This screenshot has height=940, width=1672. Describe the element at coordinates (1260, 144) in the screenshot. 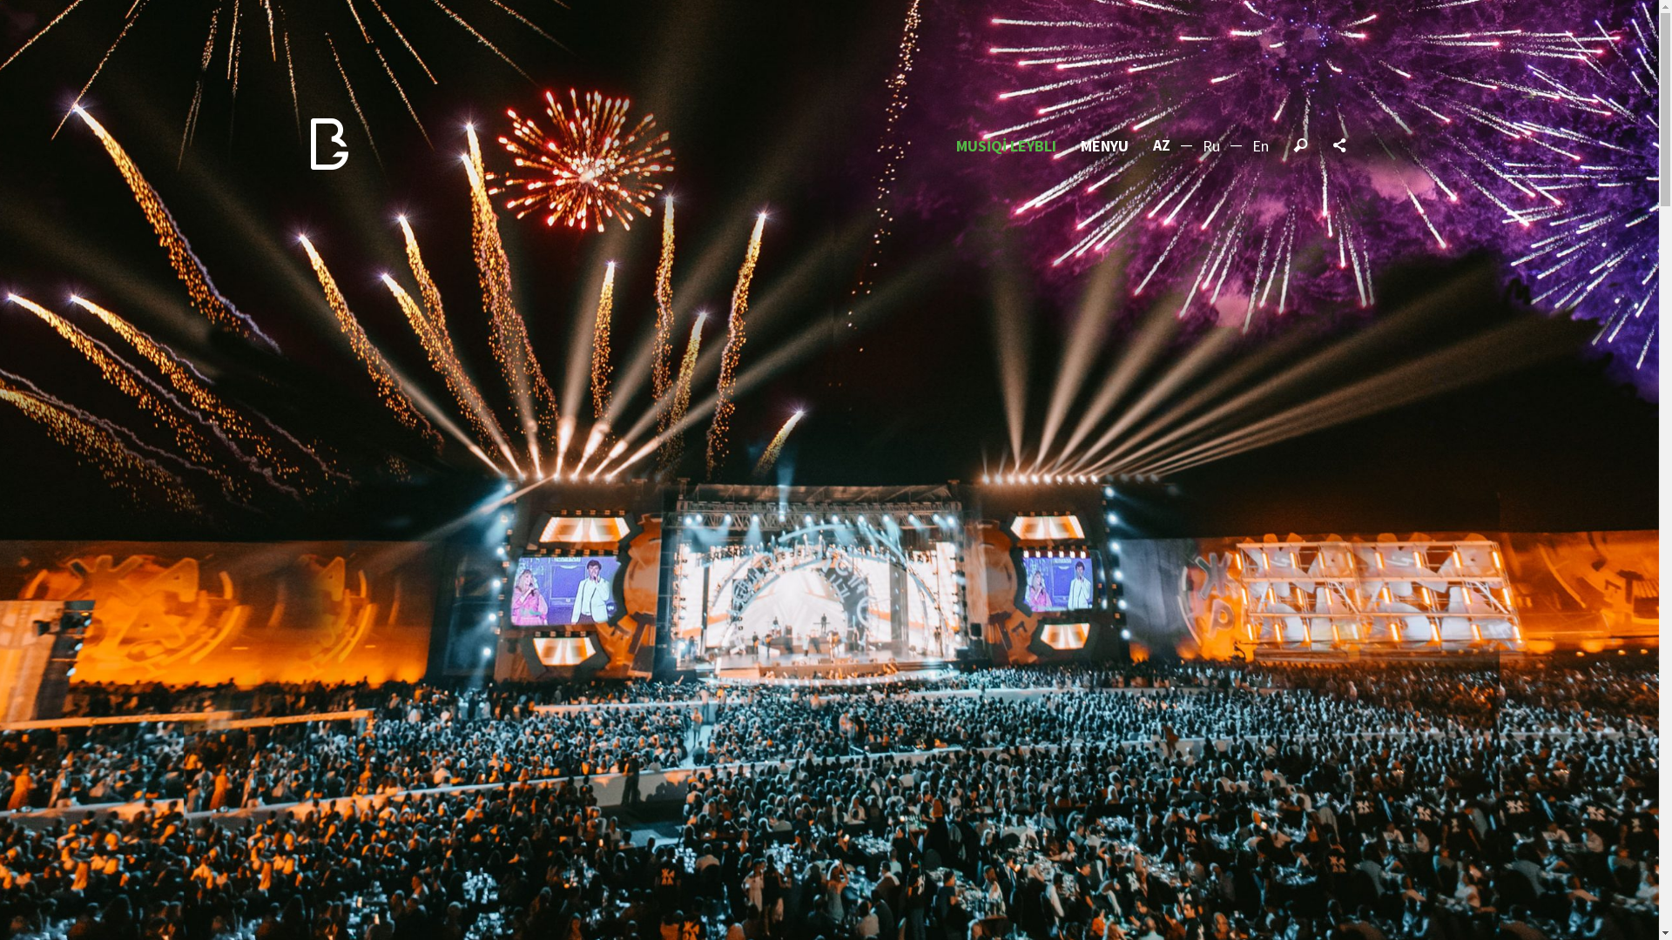

I see `'En'` at that location.